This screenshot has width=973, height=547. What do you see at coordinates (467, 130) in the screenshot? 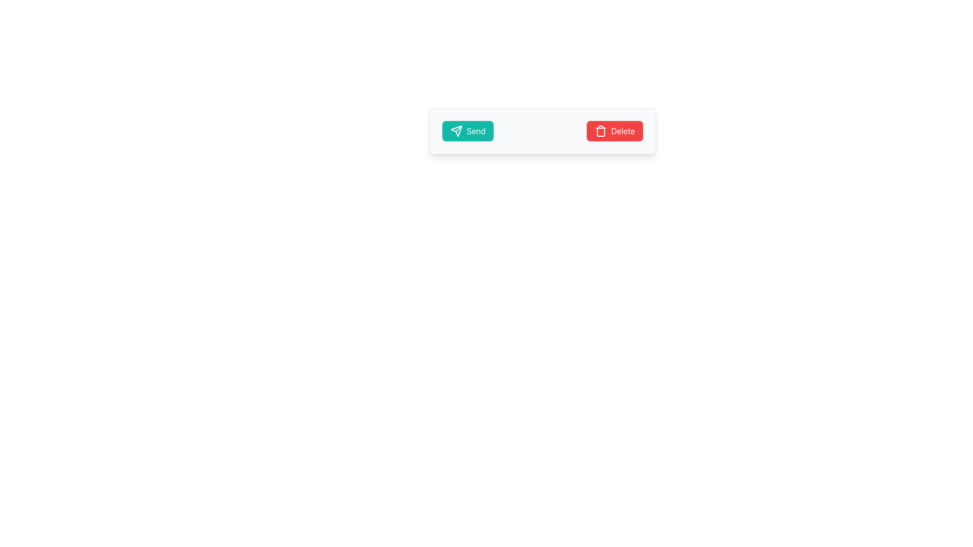
I see `the 'Send' button` at bounding box center [467, 130].